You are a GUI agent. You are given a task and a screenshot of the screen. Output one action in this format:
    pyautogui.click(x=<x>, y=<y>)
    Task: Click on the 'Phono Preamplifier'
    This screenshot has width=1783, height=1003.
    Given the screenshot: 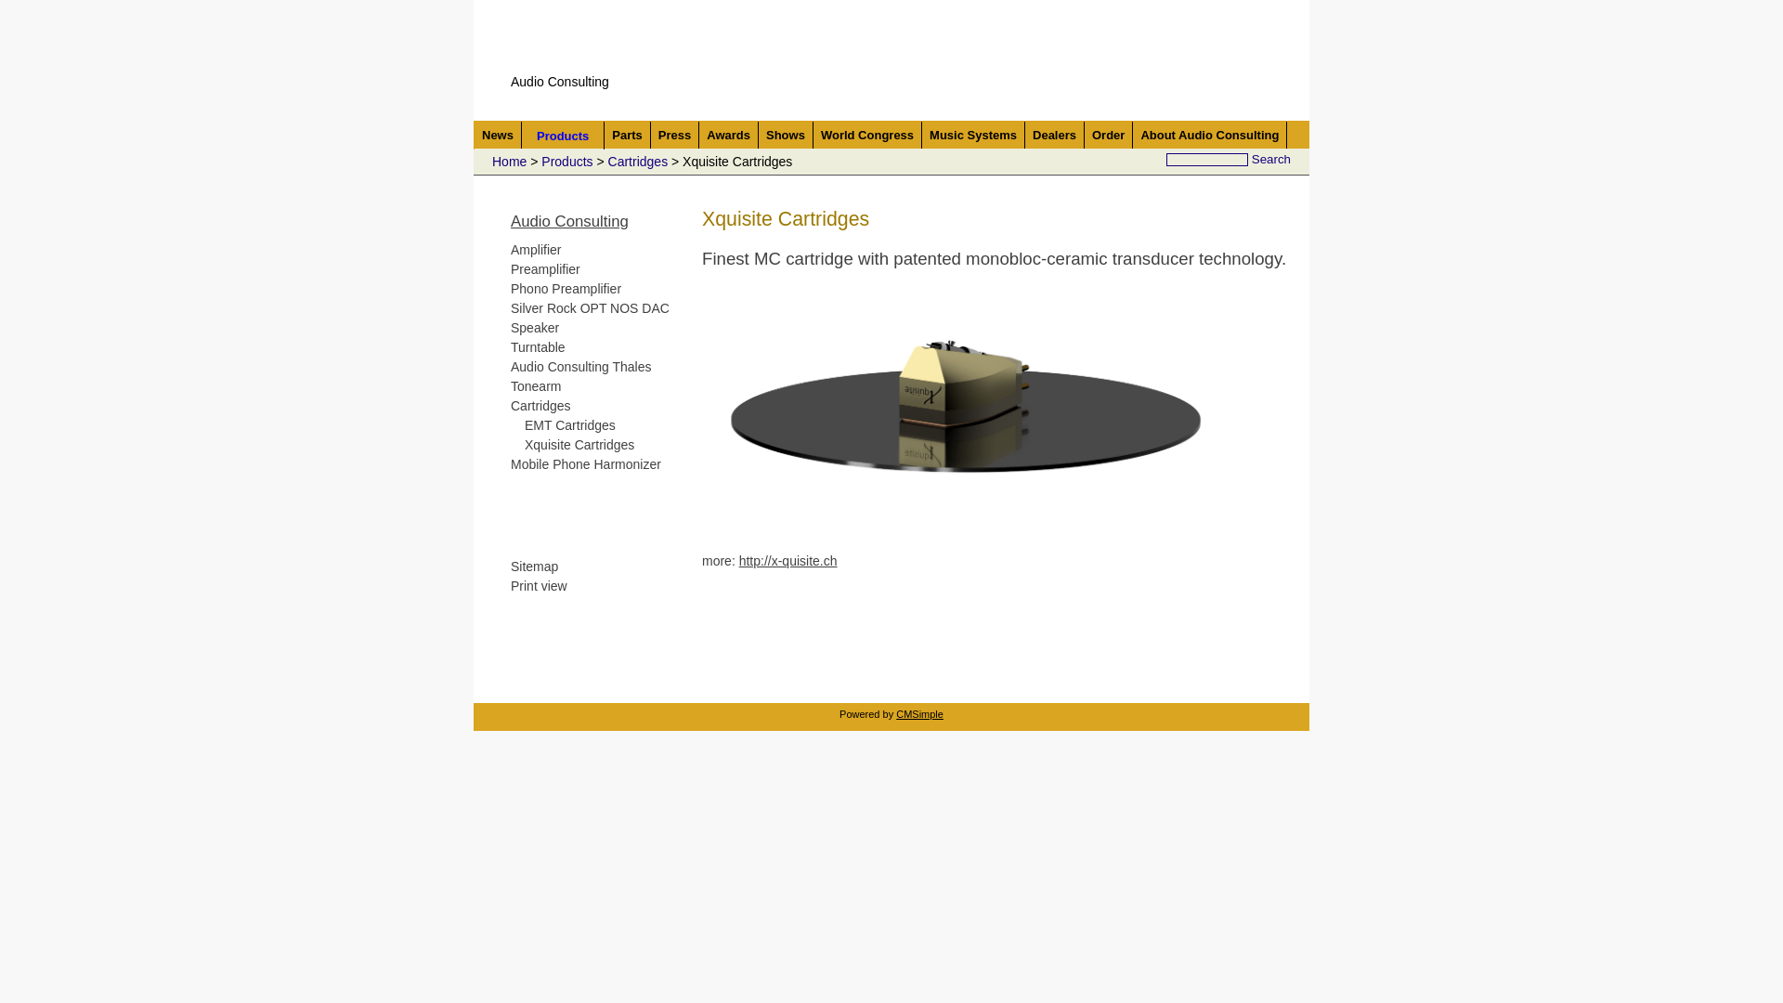 What is the action you would take?
    pyautogui.click(x=511, y=289)
    